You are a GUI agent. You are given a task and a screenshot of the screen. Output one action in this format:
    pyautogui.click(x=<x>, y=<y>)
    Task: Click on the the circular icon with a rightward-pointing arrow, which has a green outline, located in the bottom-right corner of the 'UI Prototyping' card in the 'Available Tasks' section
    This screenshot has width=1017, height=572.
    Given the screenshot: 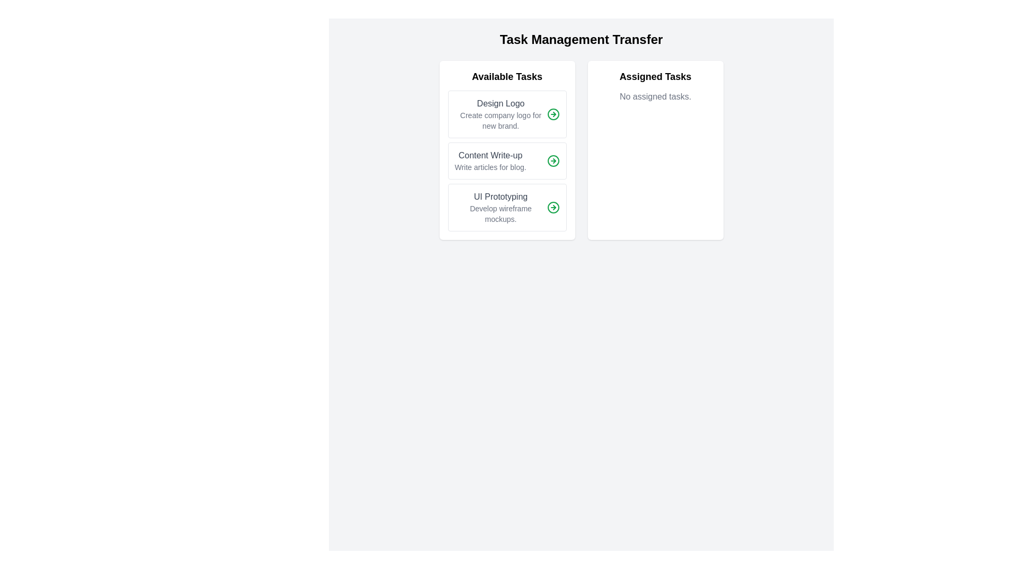 What is the action you would take?
    pyautogui.click(x=552, y=208)
    